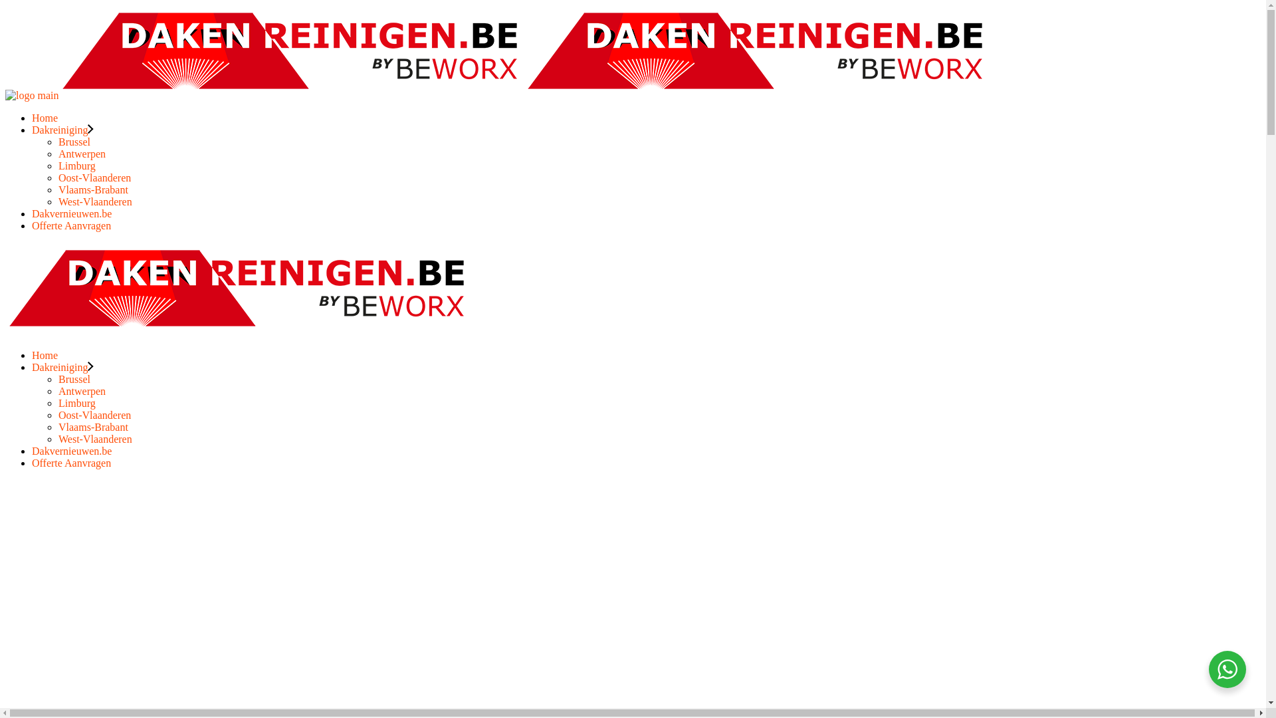 This screenshot has height=718, width=1276. Describe the element at coordinates (81, 390) in the screenshot. I see `'Antwerpen'` at that location.